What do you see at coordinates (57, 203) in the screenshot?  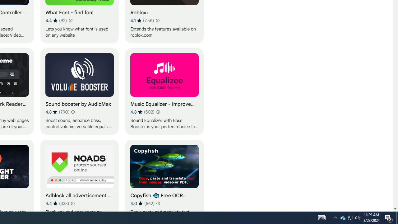 I see `'Average rating 4.4 out of 5 stars. 333 ratings.'` at bounding box center [57, 203].